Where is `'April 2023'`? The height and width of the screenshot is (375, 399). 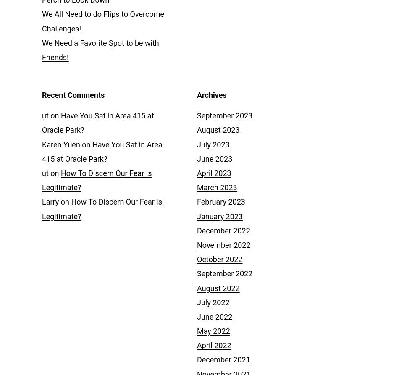
'April 2023' is located at coordinates (197, 173).